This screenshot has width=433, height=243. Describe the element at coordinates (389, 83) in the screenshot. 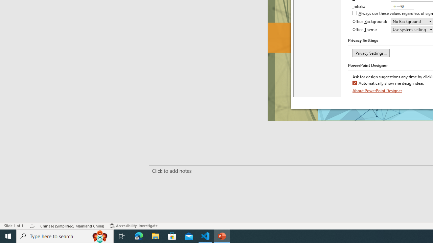

I see `'Automatically show me design ideas'` at that location.